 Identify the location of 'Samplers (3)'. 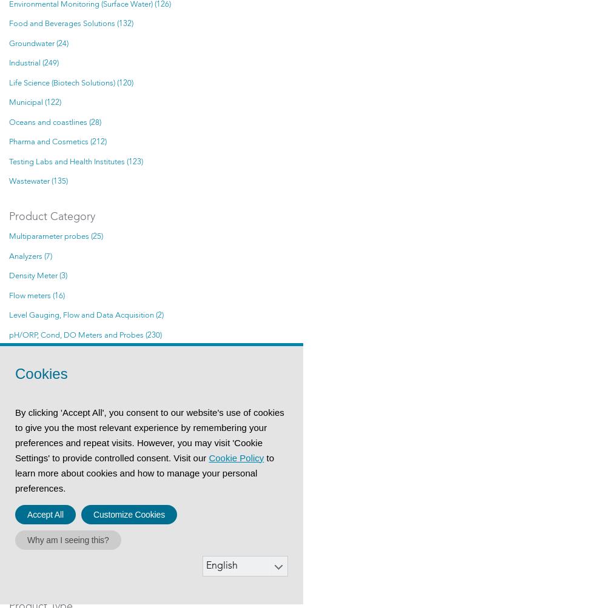
(30, 452).